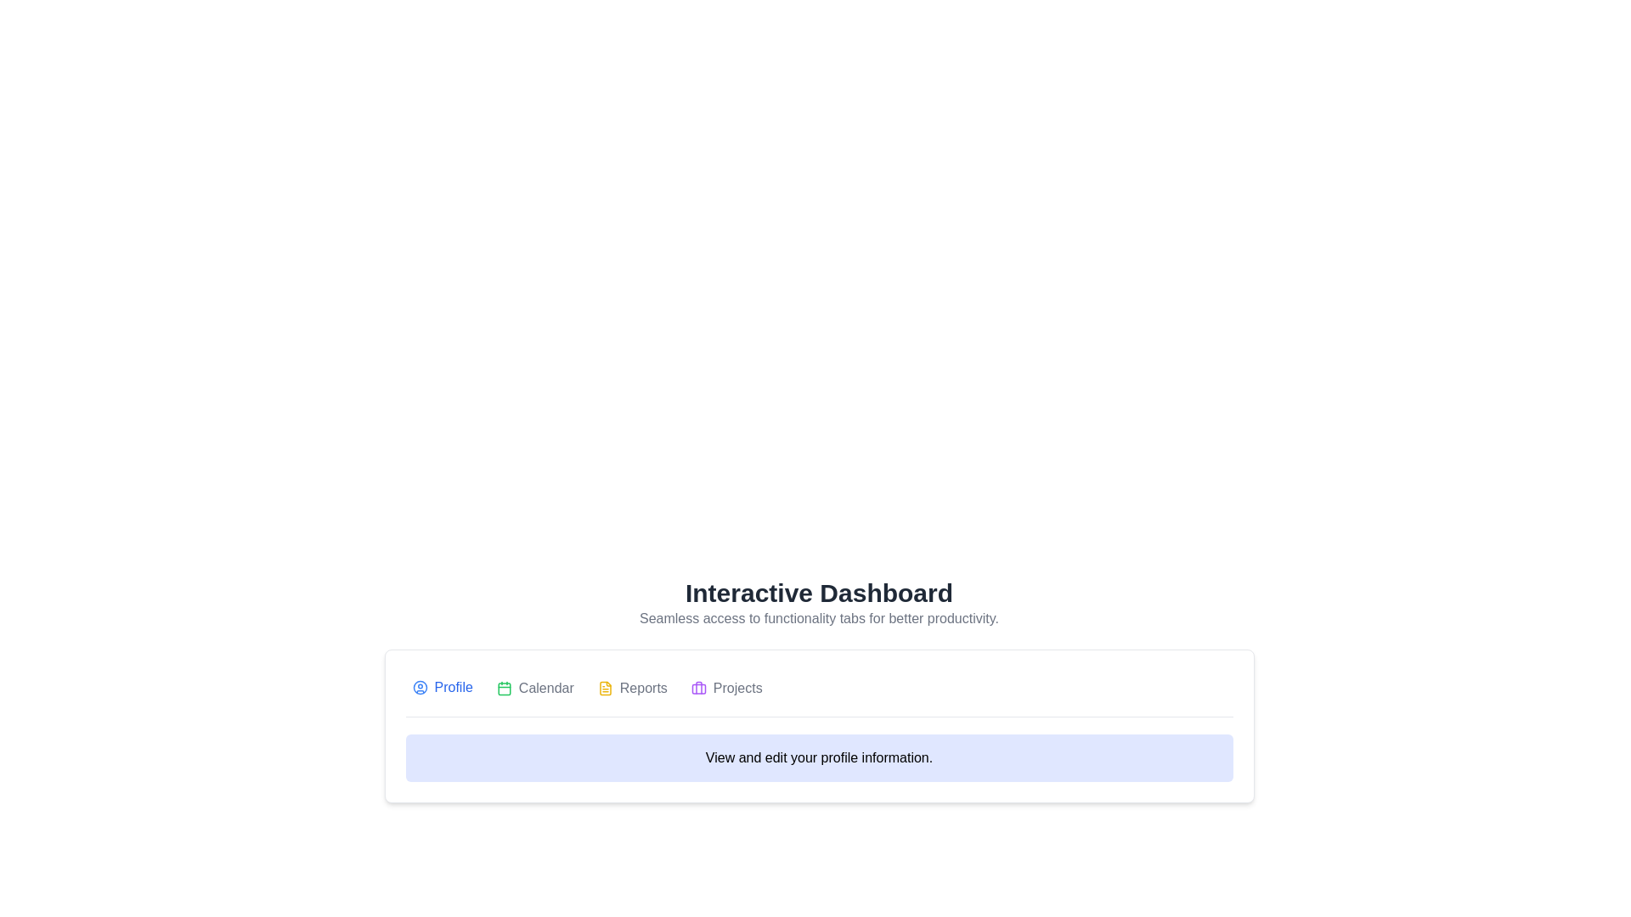  Describe the element at coordinates (534, 688) in the screenshot. I see `the 'Calendar' button, which is the second navigation option in the horizontal navigation bar` at that location.